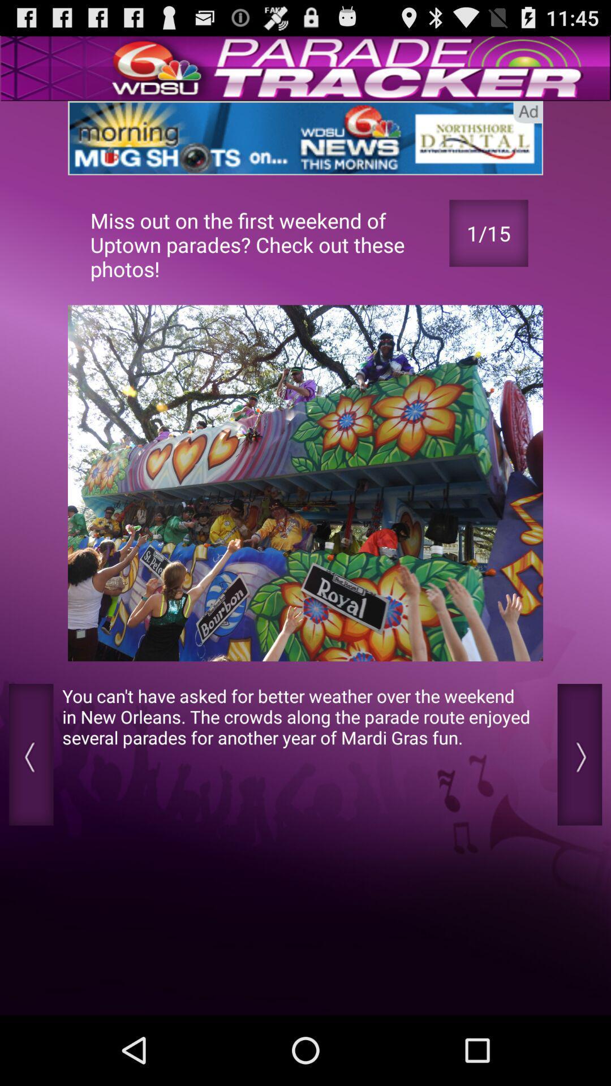  What do you see at coordinates (579, 807) in the screenshot?
I see `the arrow_forward icon` at bounding box center [579, 807].